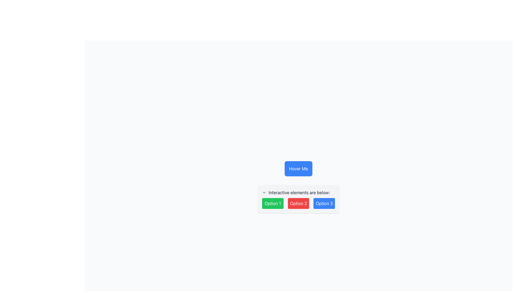 This screenshot has height=293, width=522. Describe the element at coordinates (299, 192) in the screenshot. I see `the text label displaying 'Interactive elements are below:' which is styled in dark gray (#text-gray-800) and located below the 'Hover Me' button` at that location.